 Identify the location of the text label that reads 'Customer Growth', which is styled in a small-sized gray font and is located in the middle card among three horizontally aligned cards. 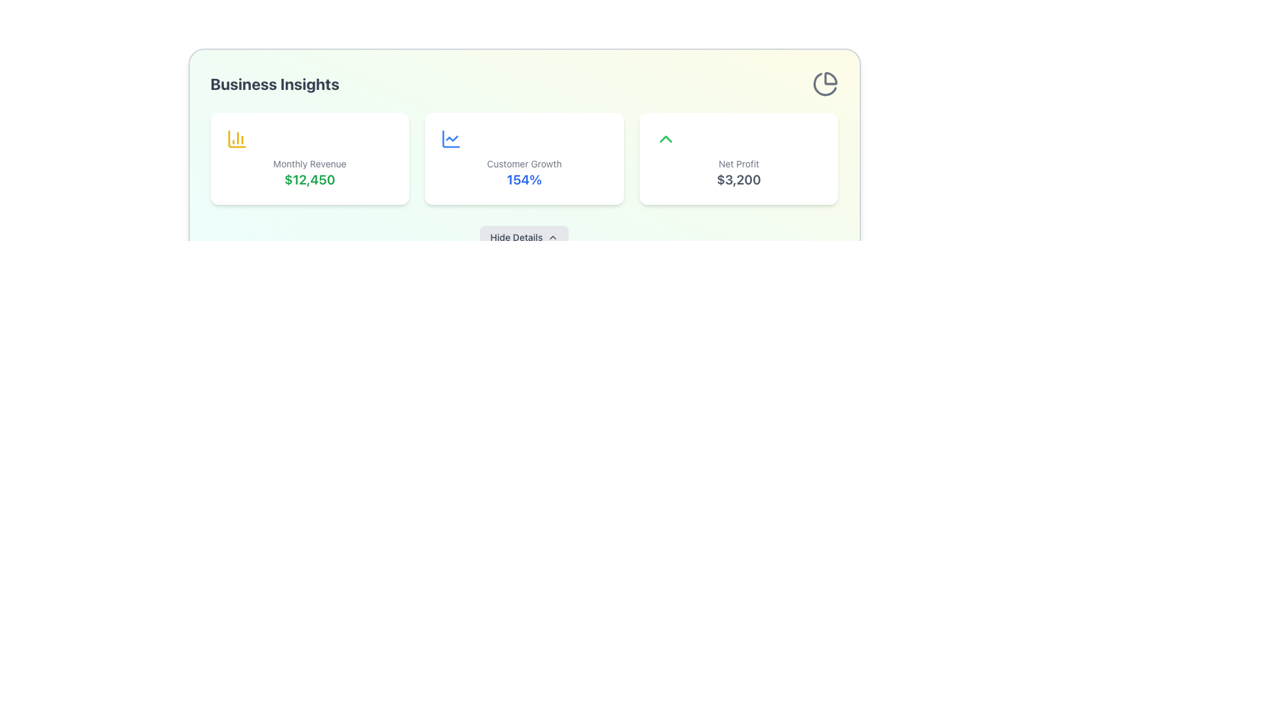
(523, 163).